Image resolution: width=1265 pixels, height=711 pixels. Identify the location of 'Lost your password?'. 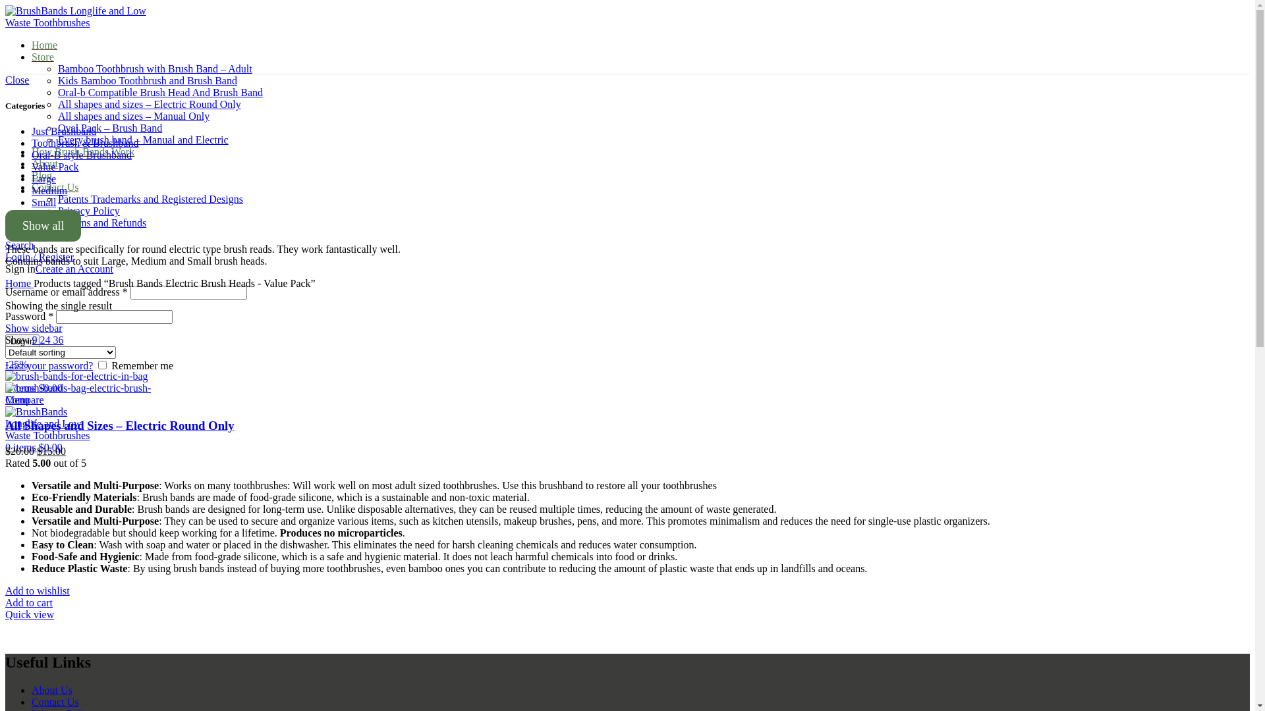
(49, 365).